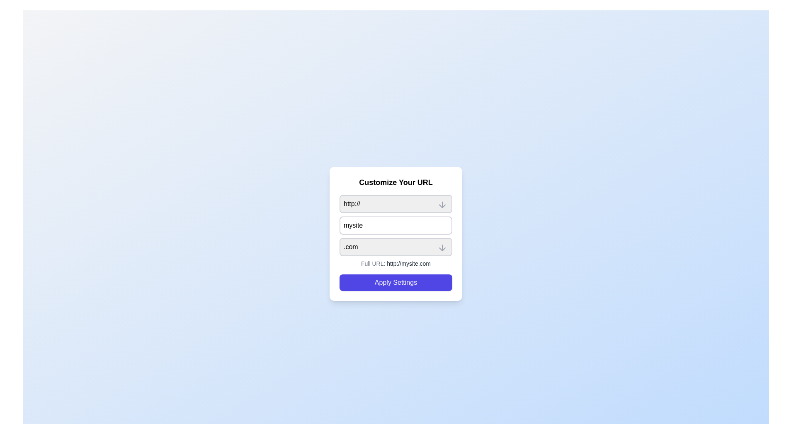 The image size is (796, 447). I want to click on the Text Input Field within the 'Customize Your URL' panel to focus on it and allow user input, so click(396, 231).